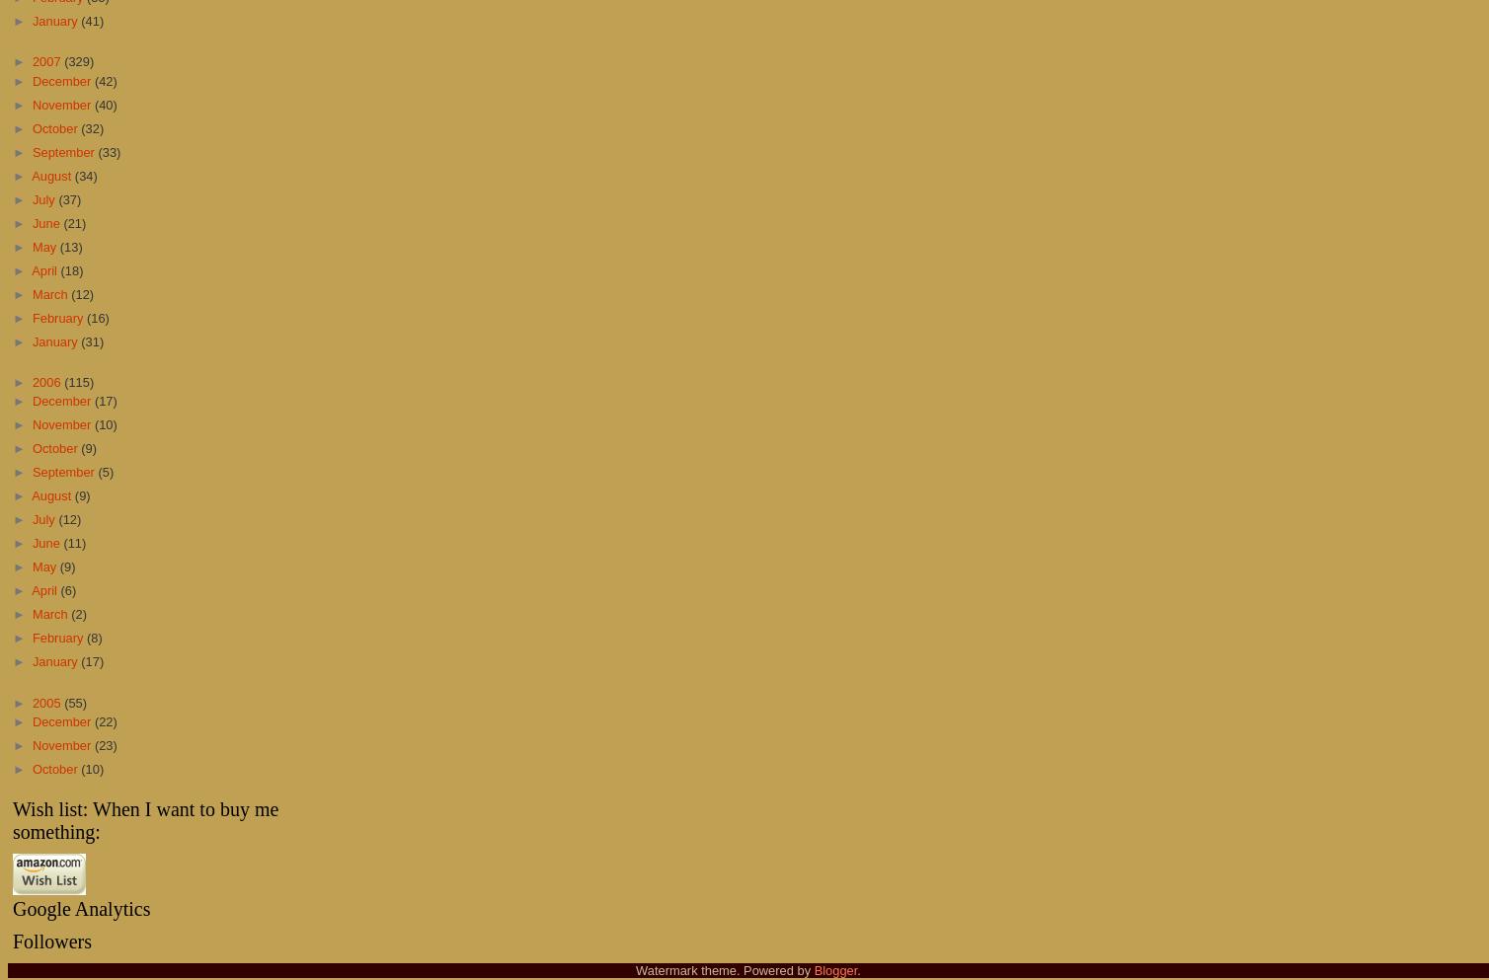 The image size is (1489, 980). I want to click on '(13)', so click(59, 245).